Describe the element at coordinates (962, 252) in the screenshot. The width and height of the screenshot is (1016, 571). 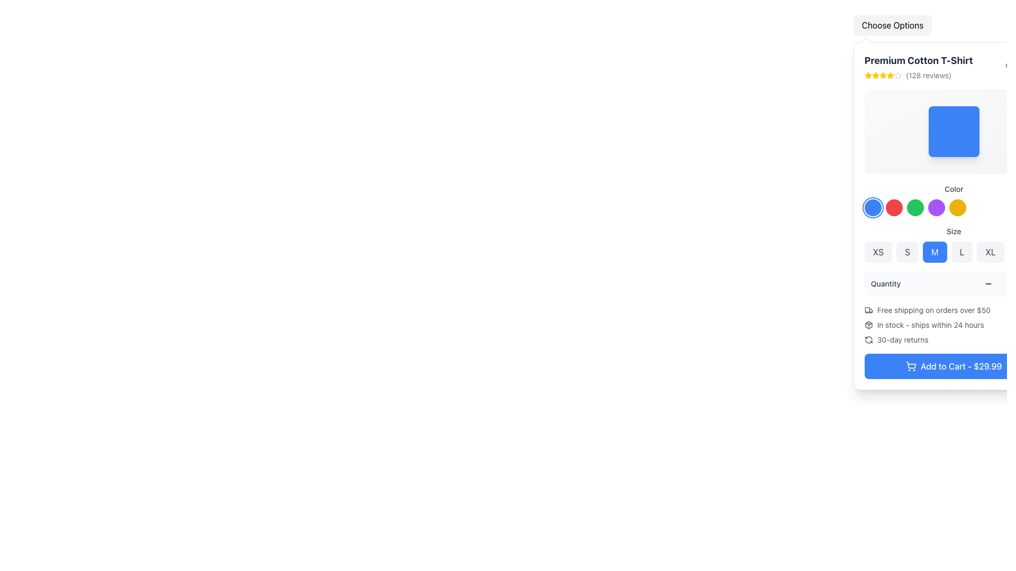
I see `button labeled 'L', which is the fourth button in a series of size buttons with a light gray background that darkens on hover, located on the right side under the 'Size' label` at that location.